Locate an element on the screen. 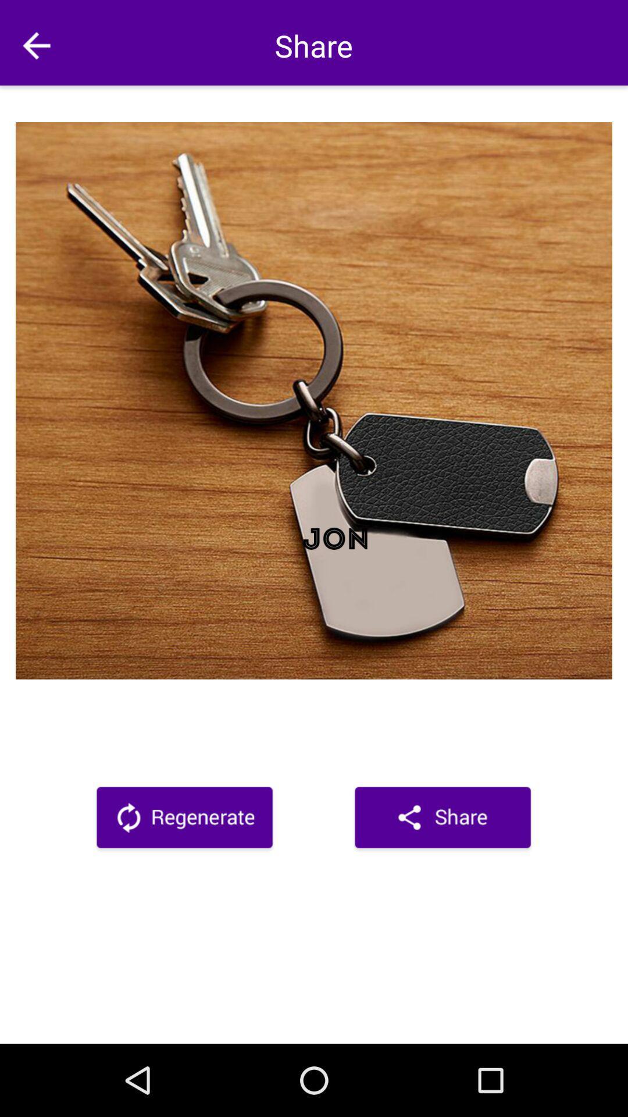 The image size is (628, 1117). previous is located at coordinates (35, 45).